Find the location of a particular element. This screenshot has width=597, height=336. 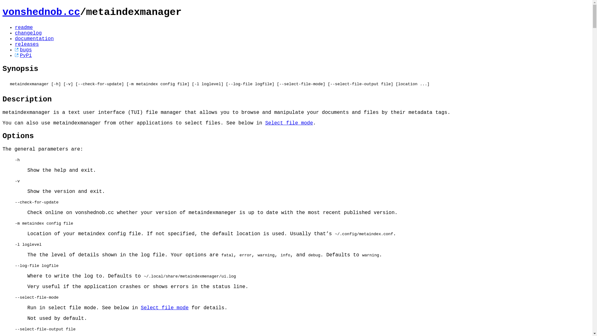

'releases' is located at coordinates (15, 44).